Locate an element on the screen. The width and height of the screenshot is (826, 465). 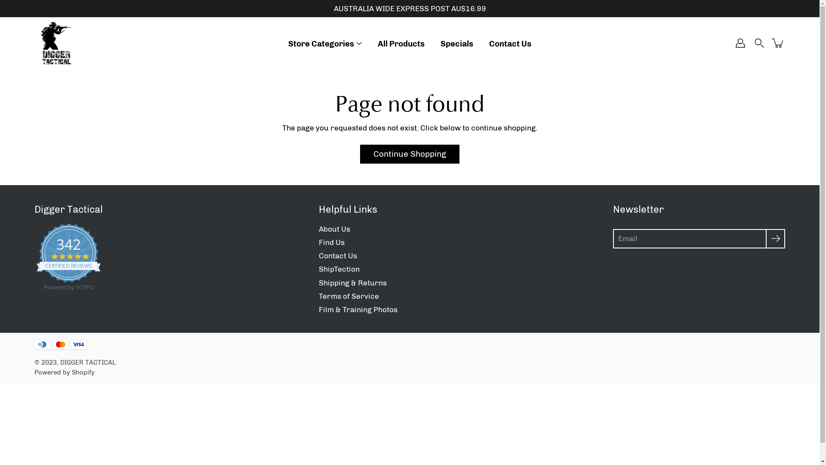
'Store Categories' is located at coordinates (321, 43).